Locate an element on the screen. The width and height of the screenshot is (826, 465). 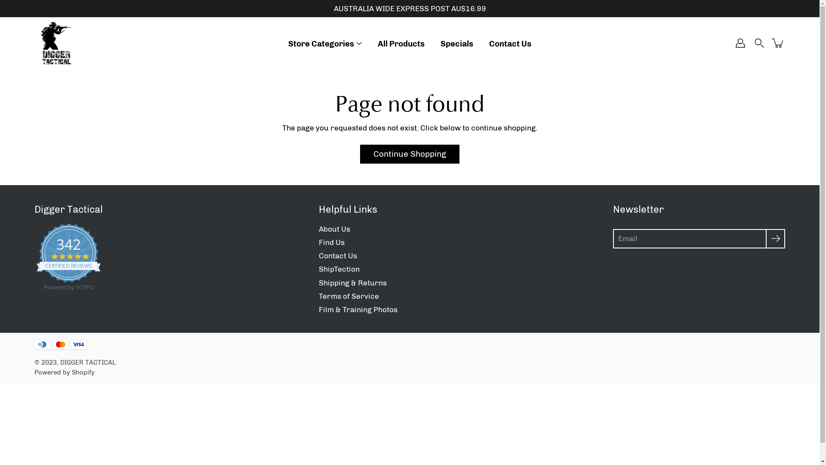
'Store Categories' is located at coordinates (321, 43).